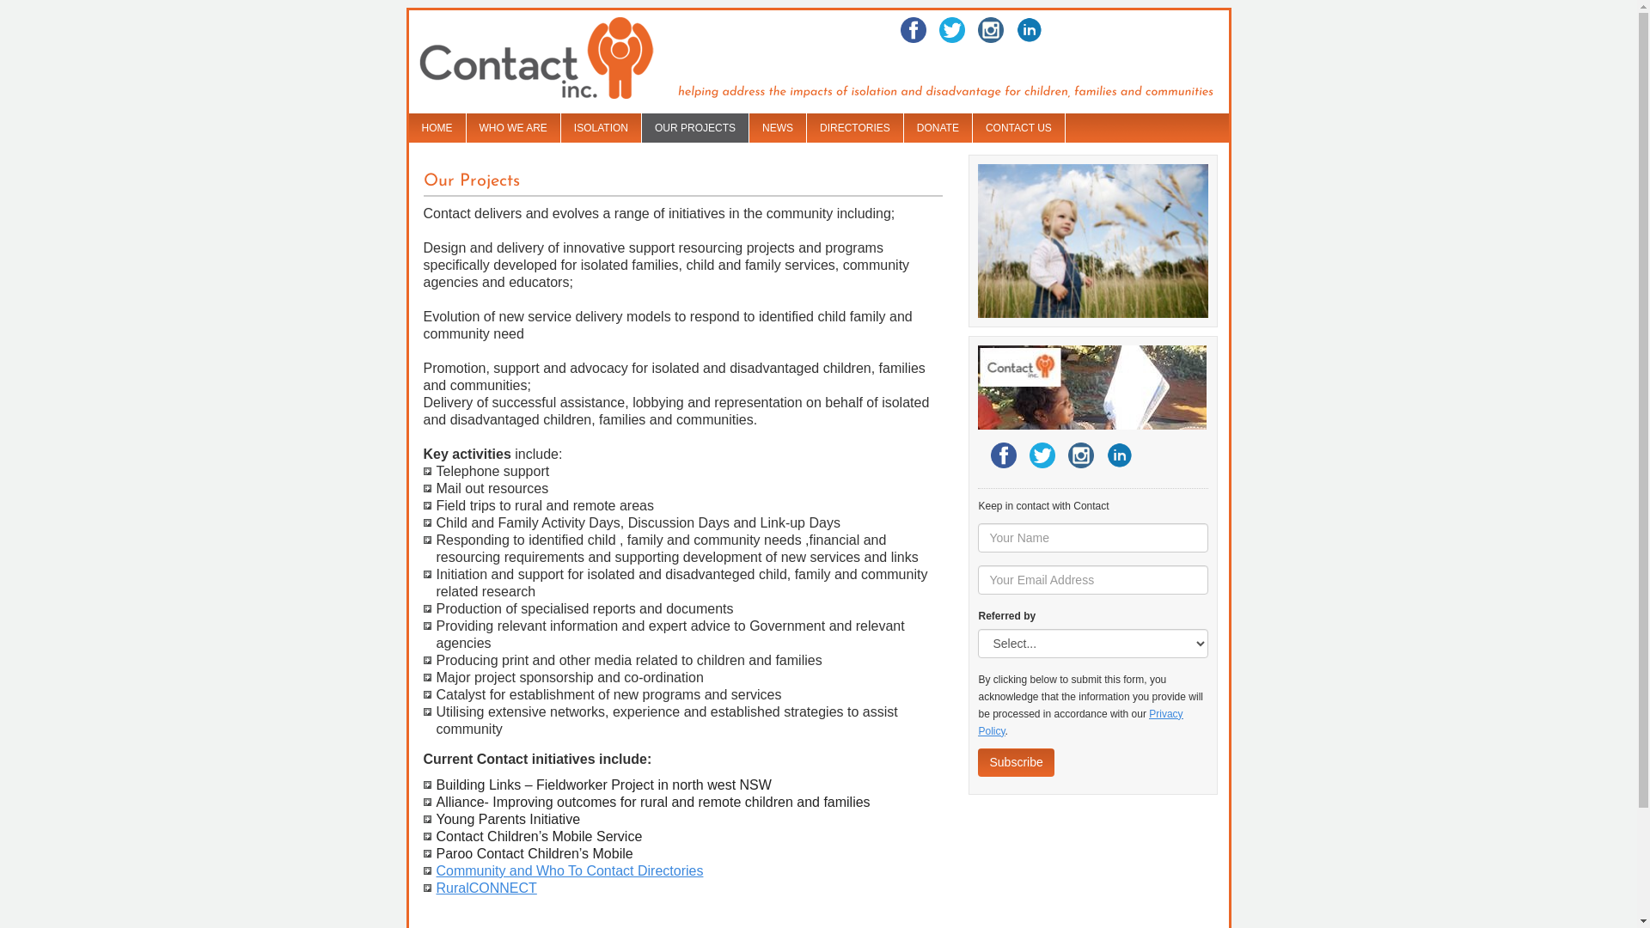 Image resolution: width=1650 pixels, height=928 pixels. Describe the element at coordinates (1018, 127) in the screenshot. I see `'CONTACT US'` at that location.